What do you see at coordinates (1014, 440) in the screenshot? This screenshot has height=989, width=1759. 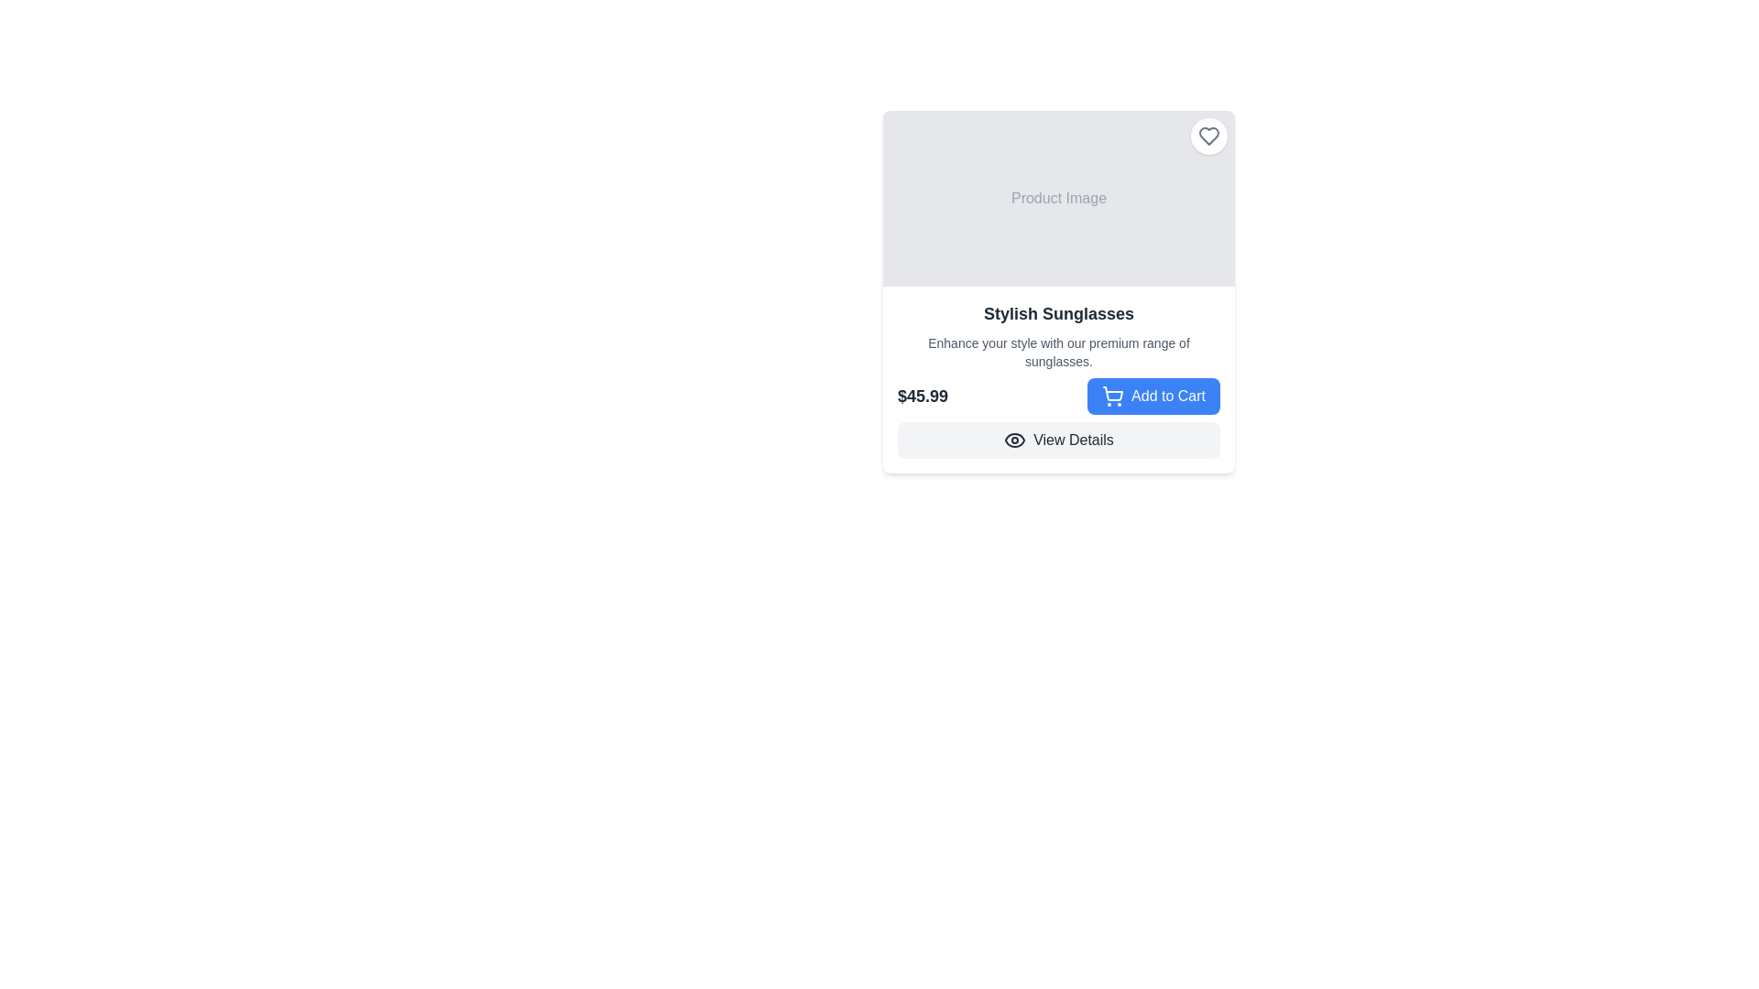 I see `the 'View Details' button by clicking on its icon, which is visually represented to the left of the button's text` at bounding box center [1014, 440].